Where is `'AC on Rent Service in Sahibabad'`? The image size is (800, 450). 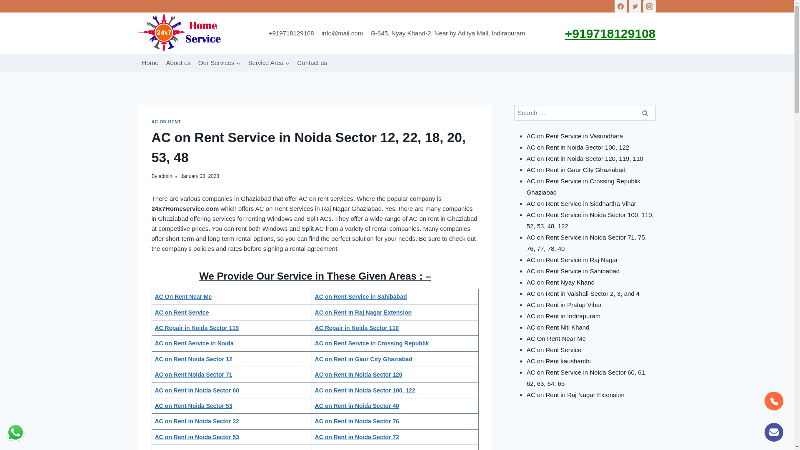
'AC on Rent Service in Sahibabad' is located at coordinates (572, 271).